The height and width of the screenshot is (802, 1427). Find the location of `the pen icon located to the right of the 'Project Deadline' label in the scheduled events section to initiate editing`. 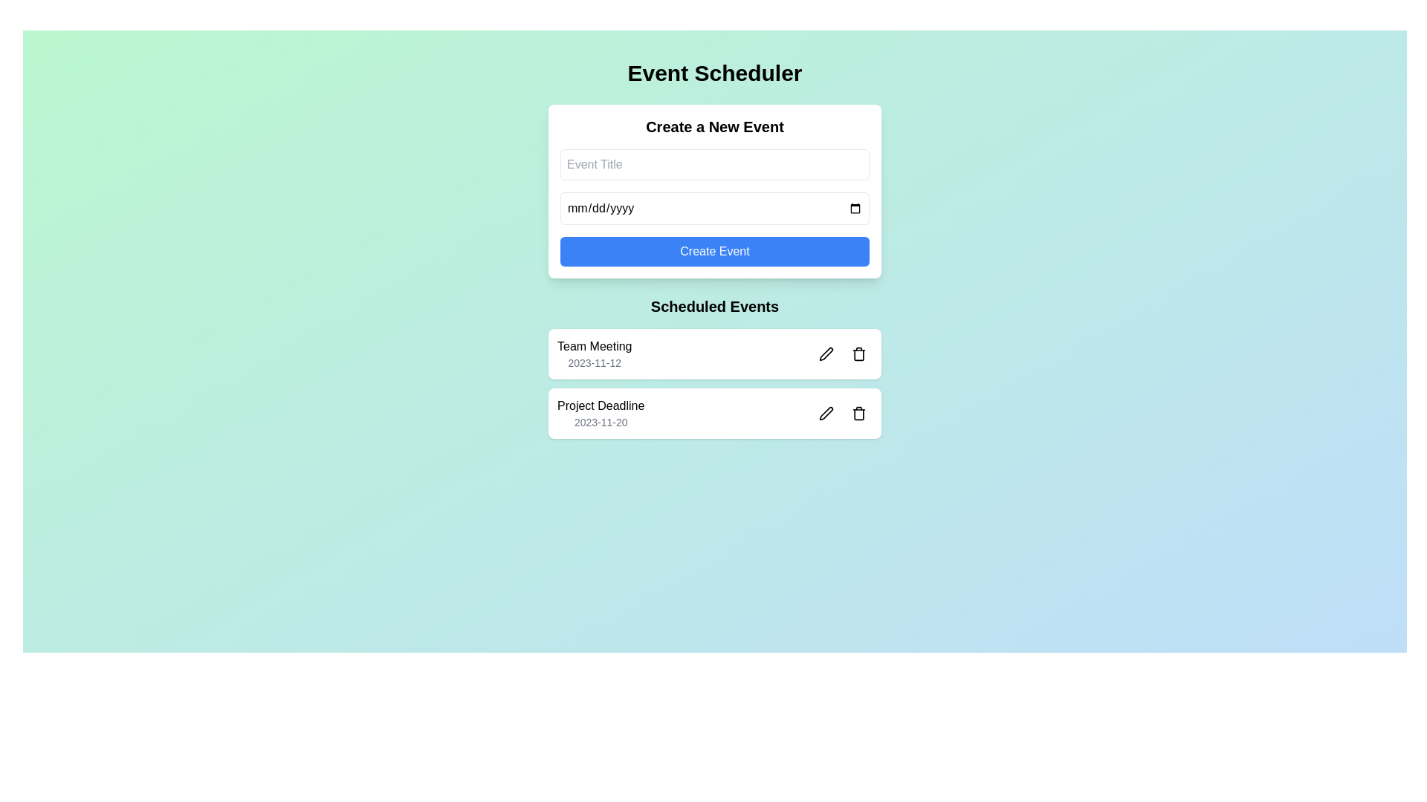

the pen icon located to the right of the 'Project Deadline' label in the scheduled events section to initiate editing is located at coordinates (826, 354).